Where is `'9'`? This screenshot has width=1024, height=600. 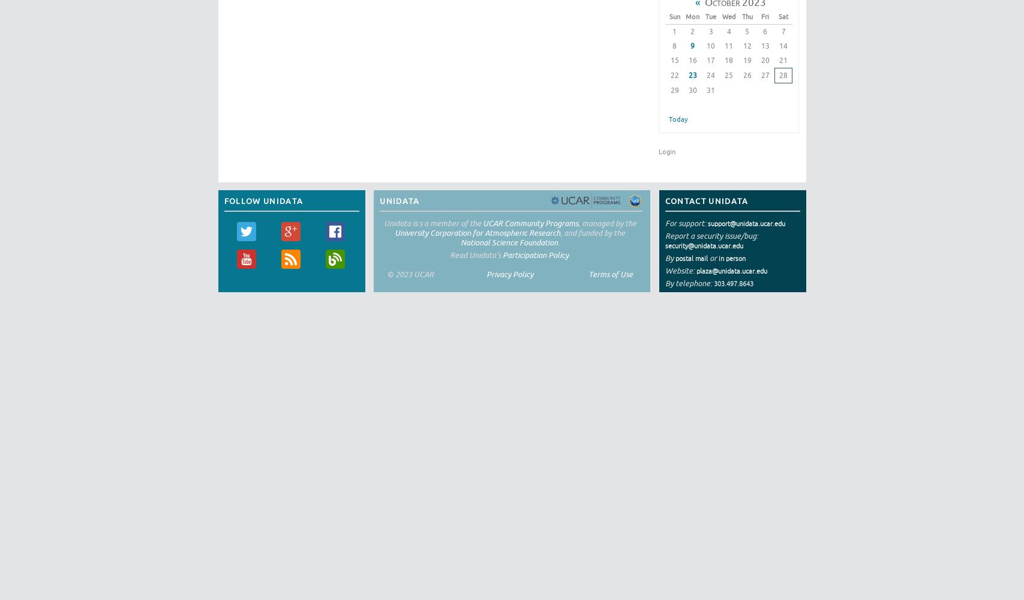 '9' is located at coordinates (690, 44).